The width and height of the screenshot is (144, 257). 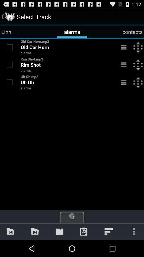 What do you see at coordinates (124, 82) in the screenshot?
I see `details` at bounding box center [124, 82].